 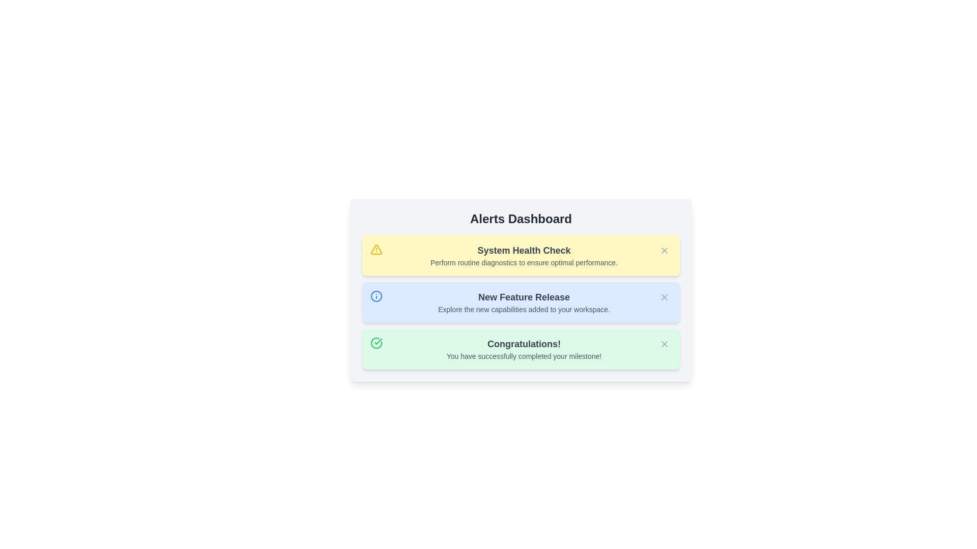 I want to click on the alert icon for Congratulations! to interact with it, so click(x=376, y=343).